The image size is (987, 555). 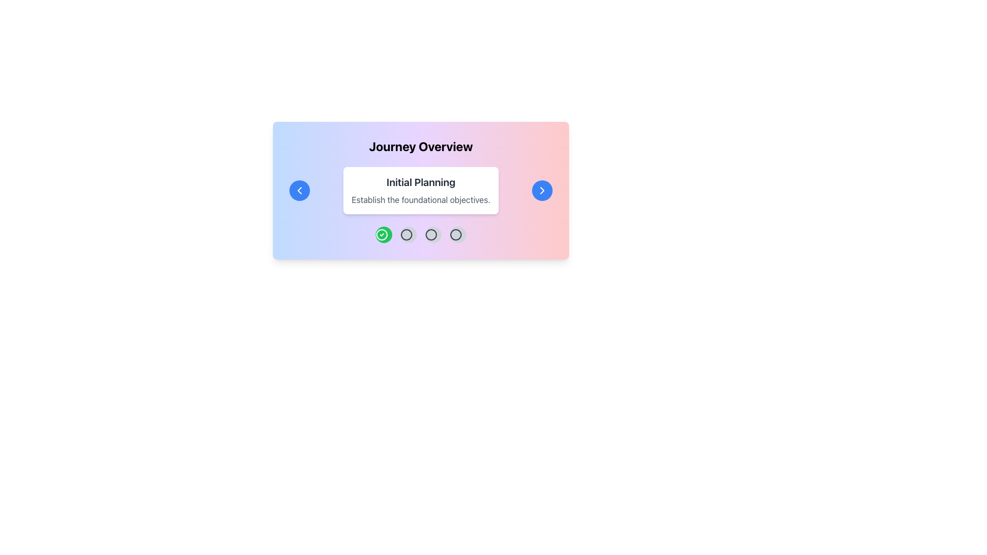 What do you see at coordinates (542, 190) in the screenshot?
I see `the rightward-pointing chevron icon in white, which is located within a circular blue background on the far-right side of the horizontally centered card component` at bounding box center [542, 190].